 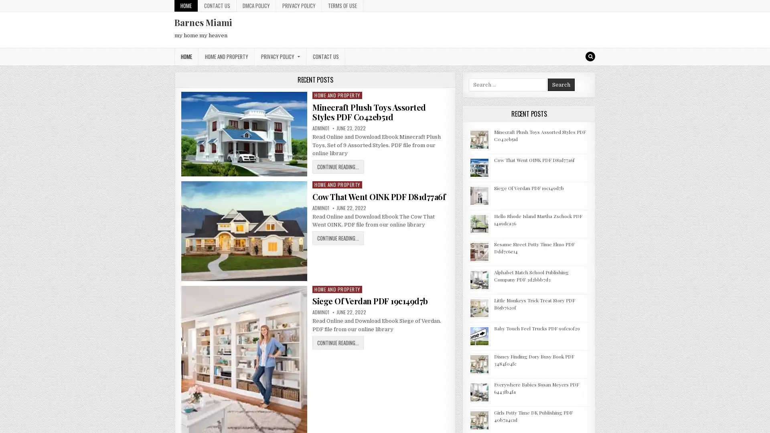 I want to click on Search, so click(x=561, y=85).